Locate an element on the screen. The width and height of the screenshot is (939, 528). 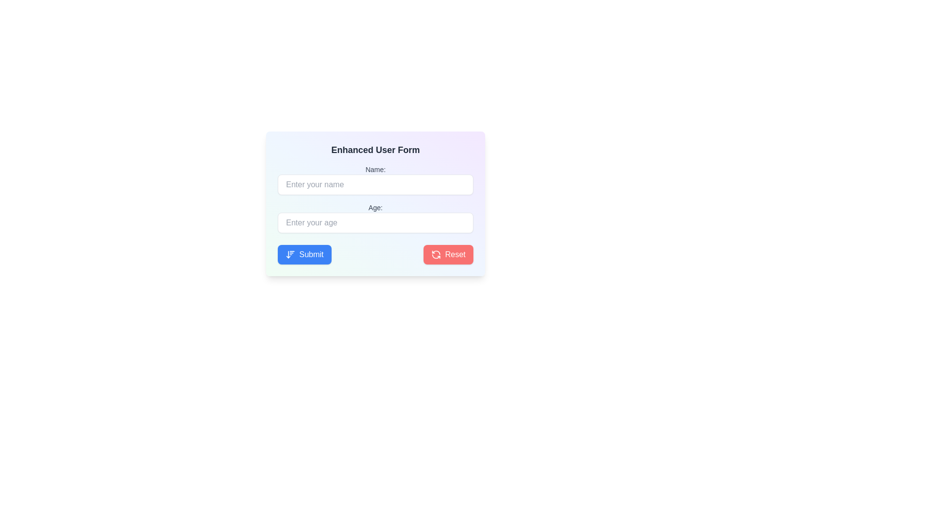
the numeric input field for age to focus on it is located at coordinates (375, 218).